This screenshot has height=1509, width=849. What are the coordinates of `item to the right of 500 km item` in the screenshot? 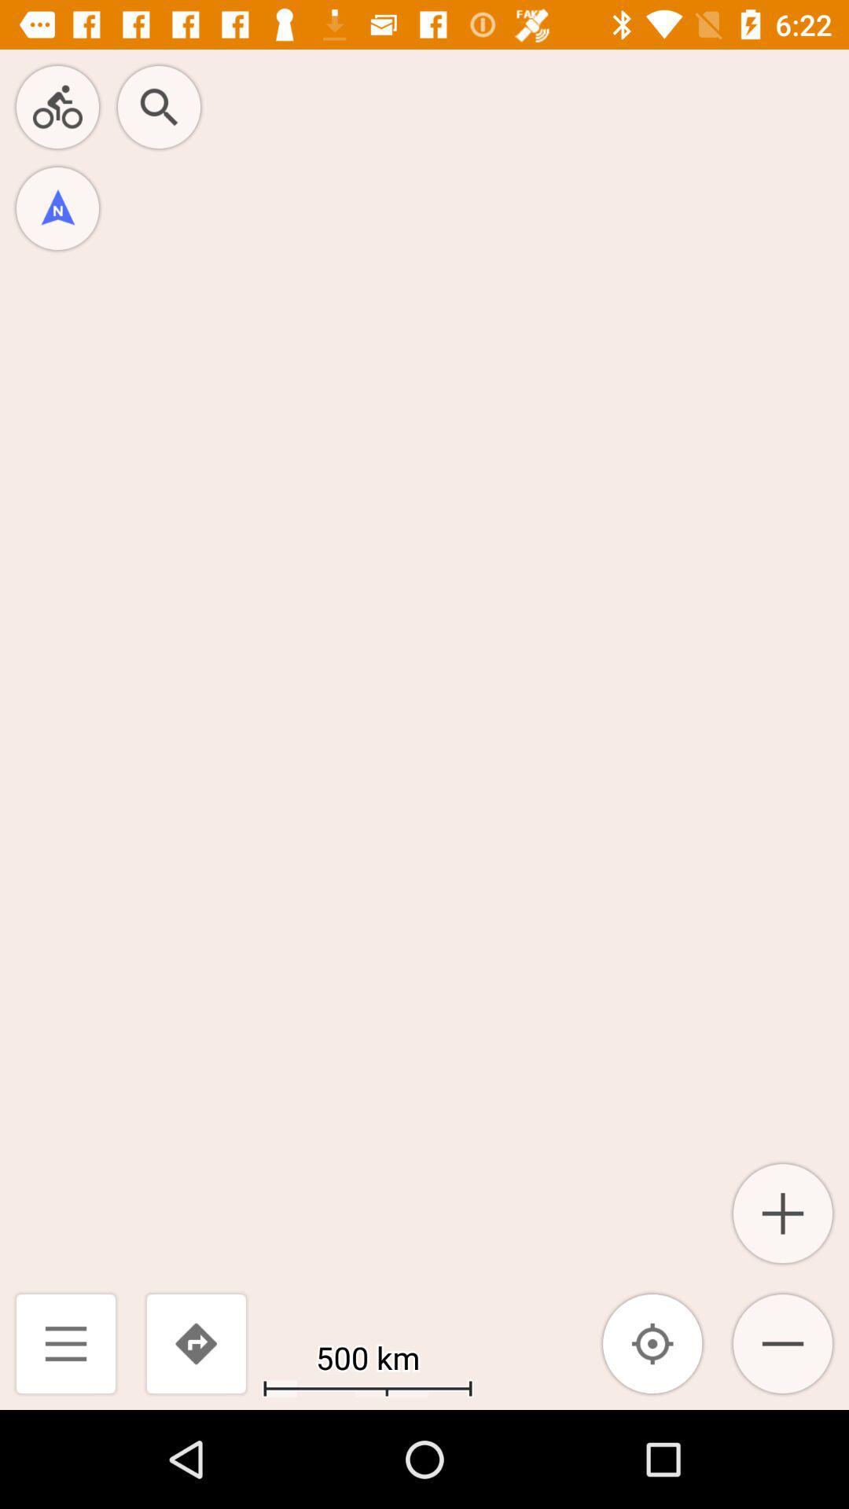 It's located at (652, 1342).